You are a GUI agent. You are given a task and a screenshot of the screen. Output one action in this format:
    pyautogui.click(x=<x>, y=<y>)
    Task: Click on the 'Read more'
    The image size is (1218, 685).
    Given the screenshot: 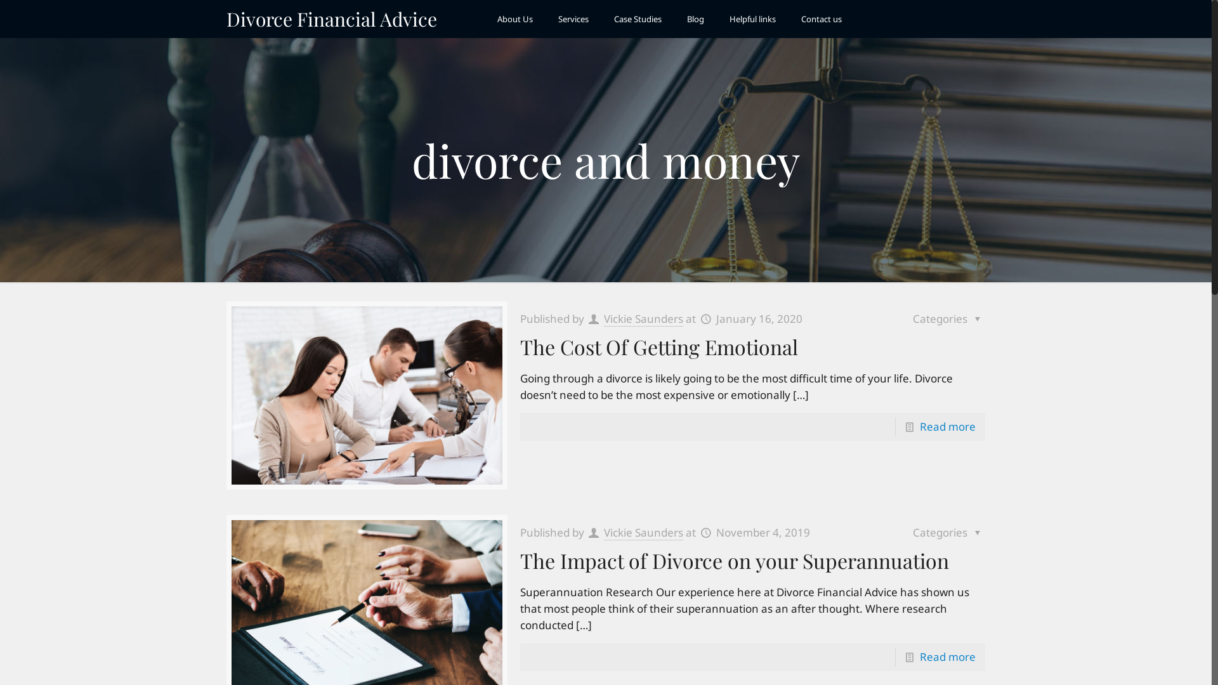 What is the action you would take?
    pyautogui.click(x=919, y=426)
    